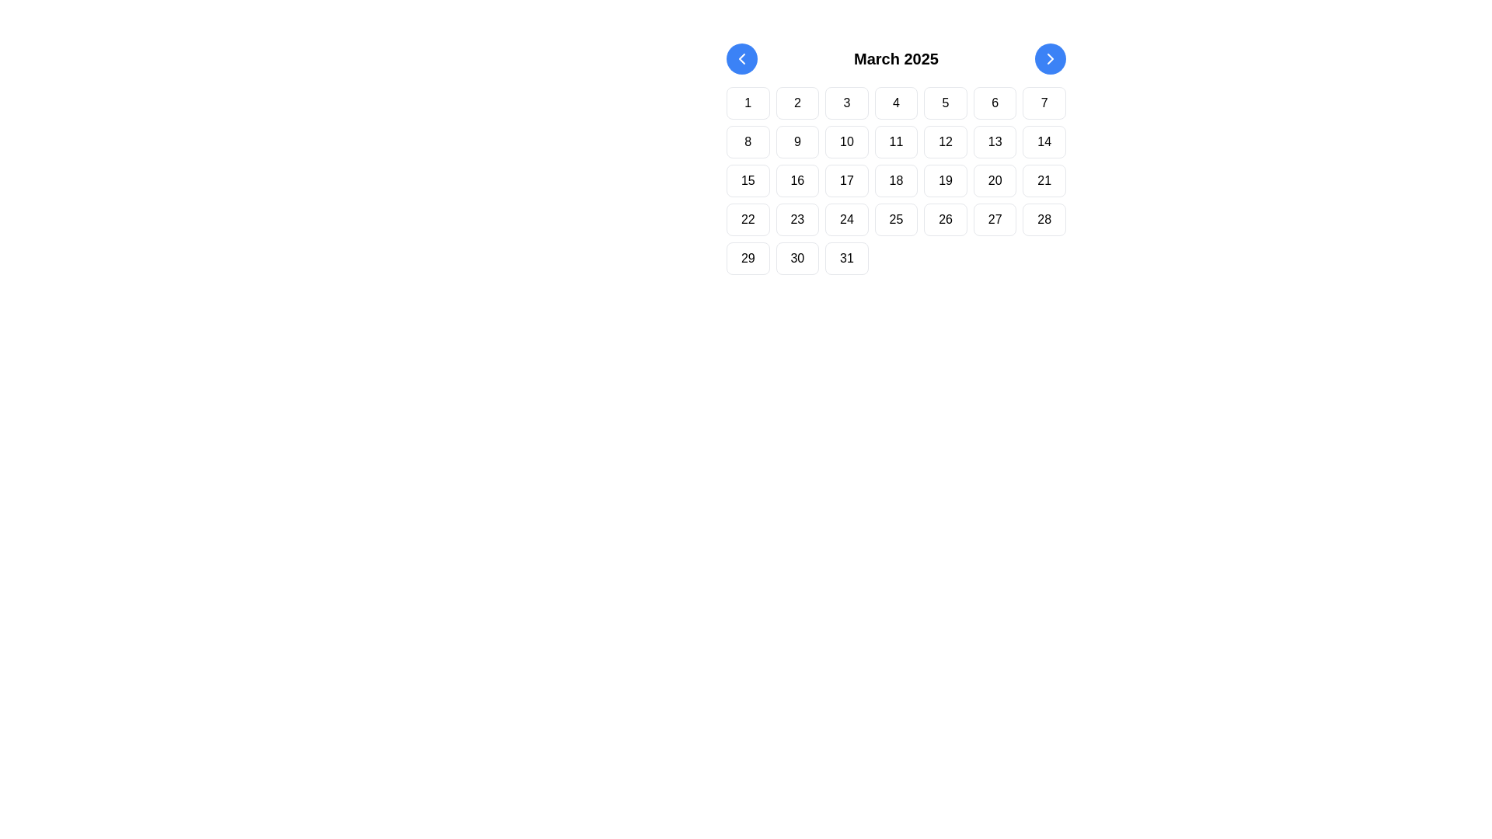 This screenshot has height=839, width=1492. I want to click on any cell of the centrally located grid layout component that spans horizontally across the interface, so click(896, 179).